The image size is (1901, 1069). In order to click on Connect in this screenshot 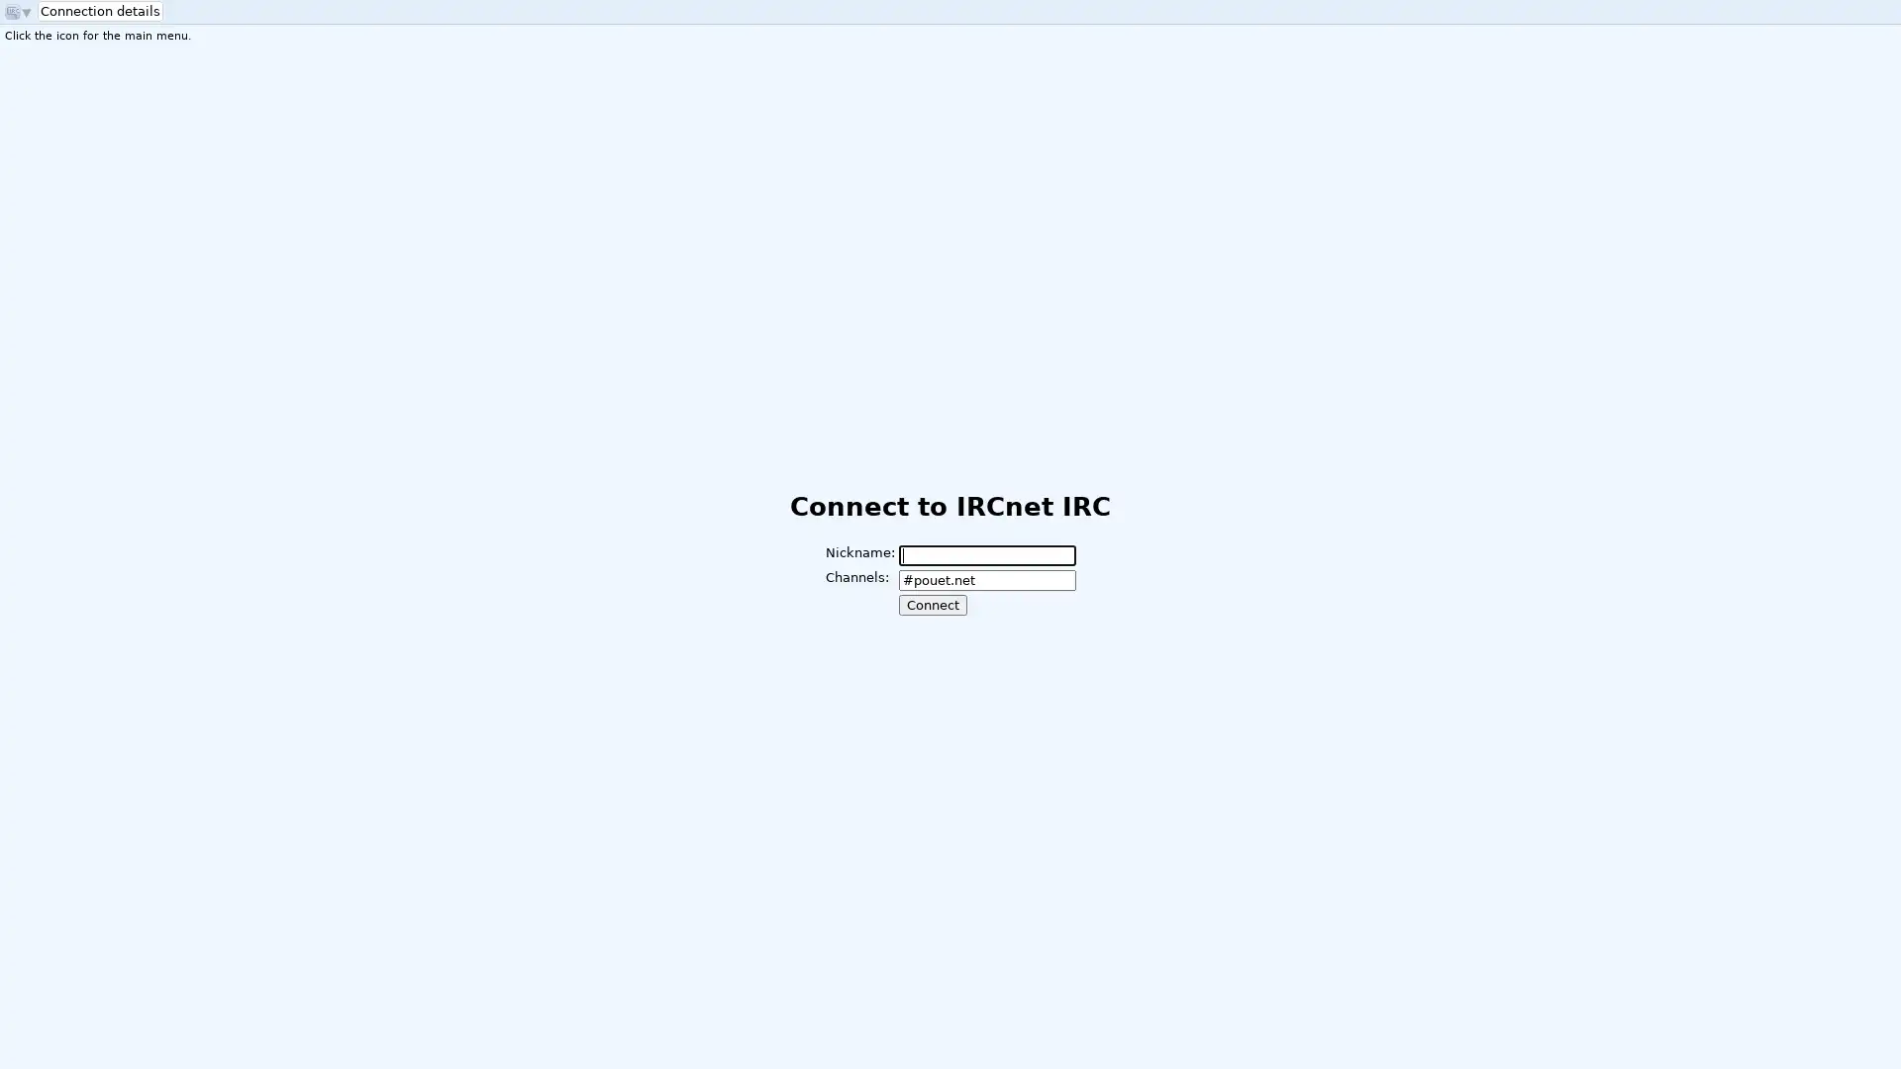, I will do `click(931, 604)`.